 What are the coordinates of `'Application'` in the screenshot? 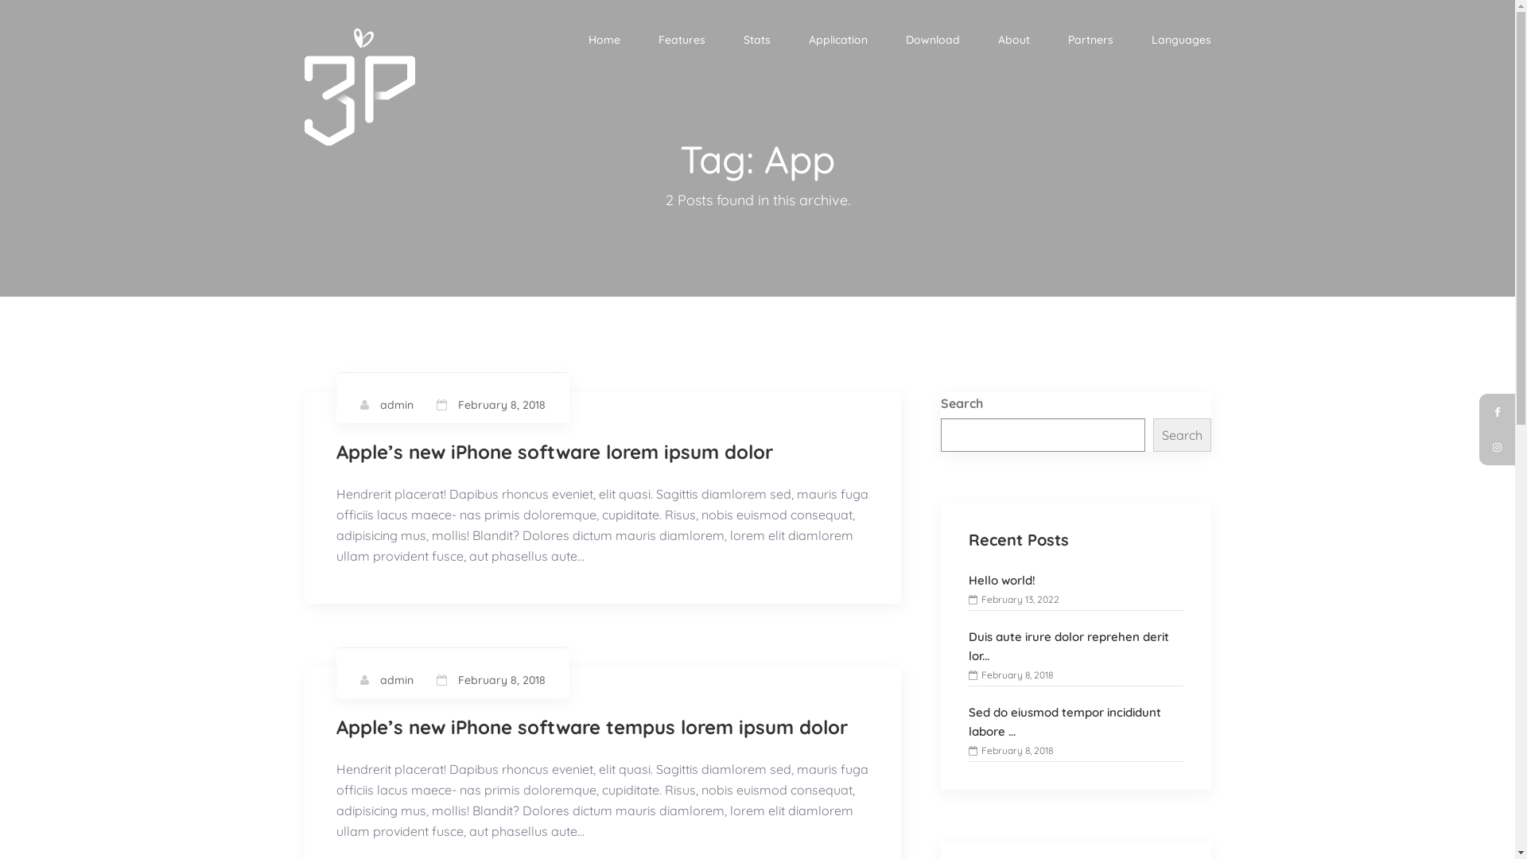 It's located at (836, 39).